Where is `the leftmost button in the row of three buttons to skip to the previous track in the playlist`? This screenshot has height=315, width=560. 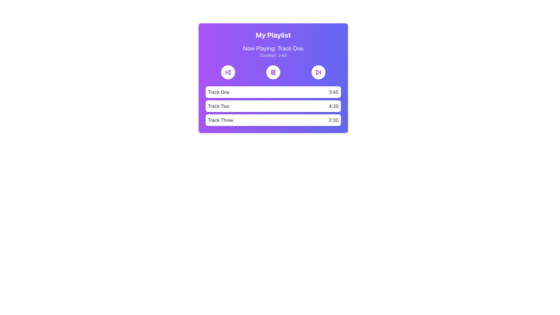
the leftmost button in the row of three buttons to skip to the previous track in the playlist is located at coordinates (228, 72).